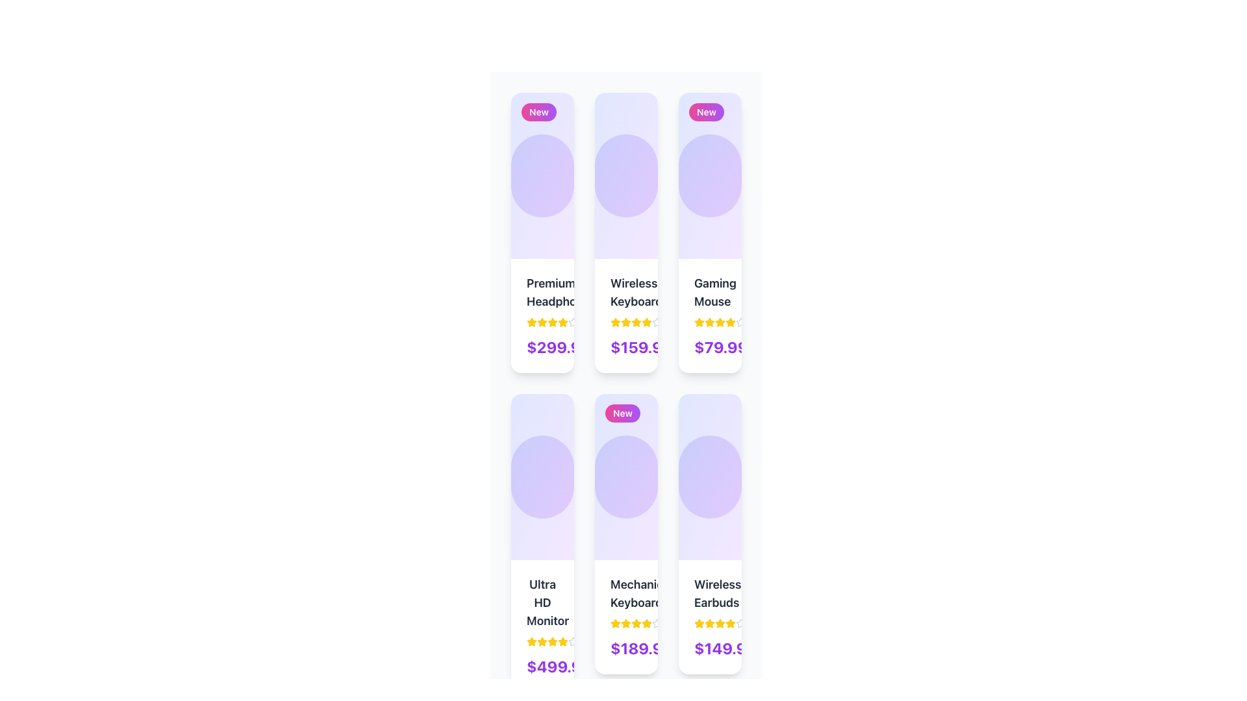 This screenshot has width=1247, height=701. I want to click on the third star icon in the rating system located underneath the 'Wireless Keyboard' label to interact with it, so click(626, 322).